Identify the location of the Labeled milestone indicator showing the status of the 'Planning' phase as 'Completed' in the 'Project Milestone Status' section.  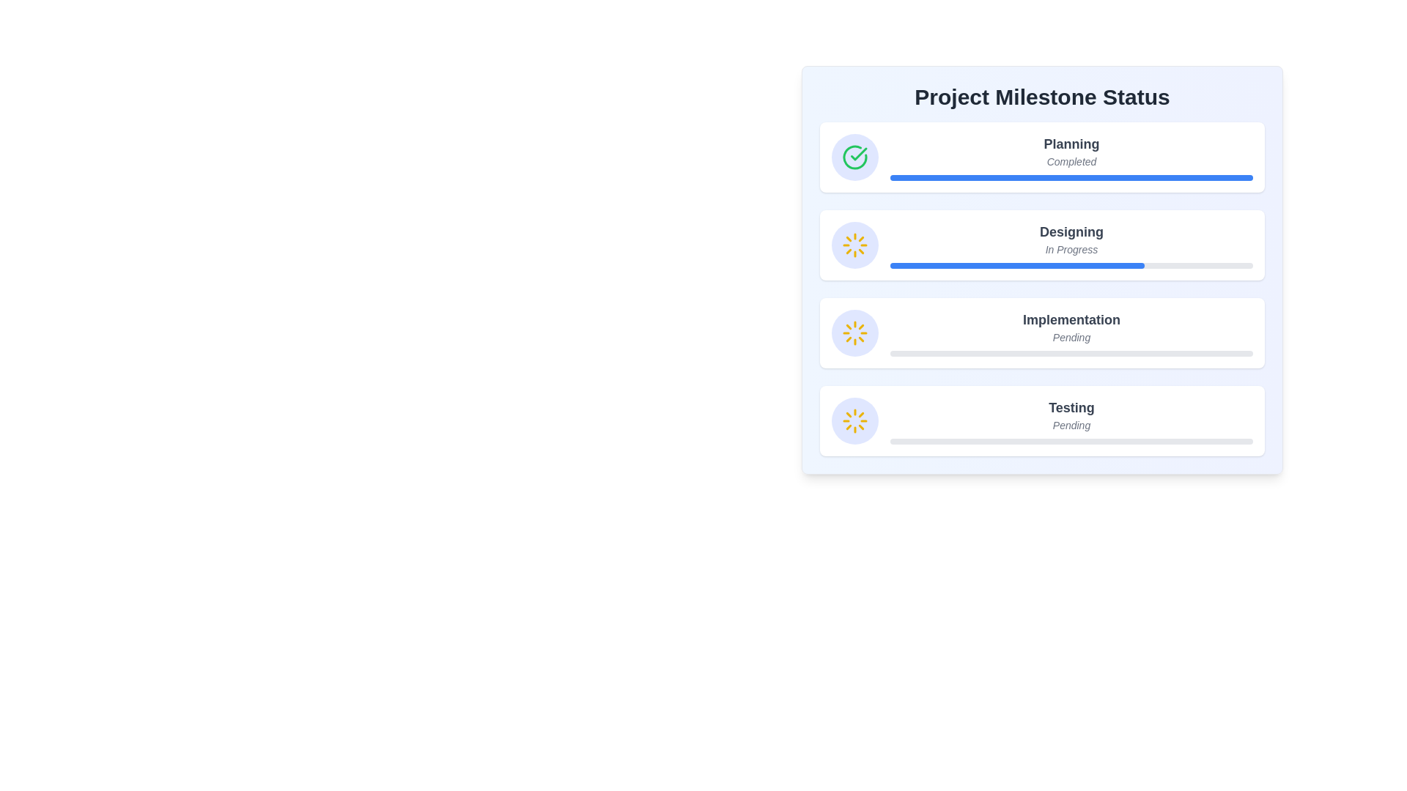
(1071, 157).